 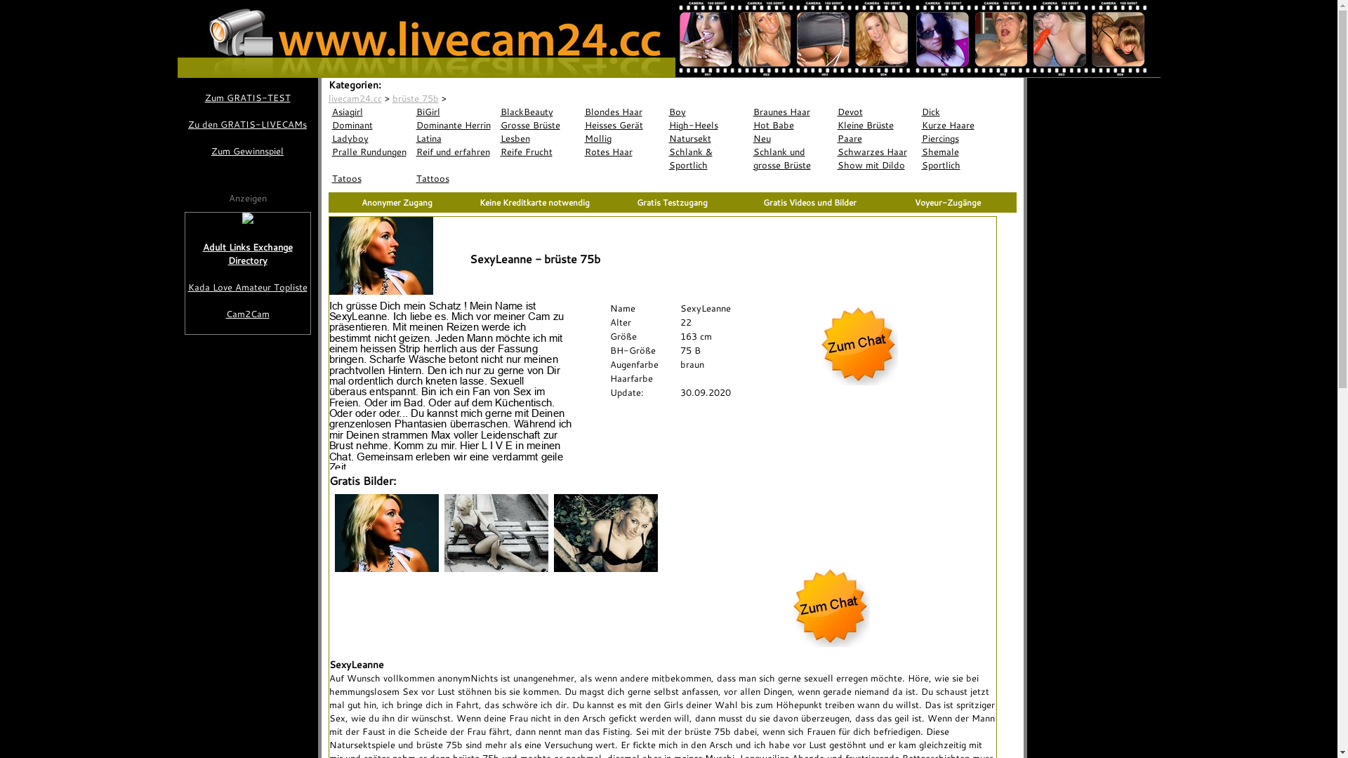 What do you see at coordinates (248, 286) in the screenshot?
I see `'Kada Love Amateur Topliste'` at bounding box center [248, 286].